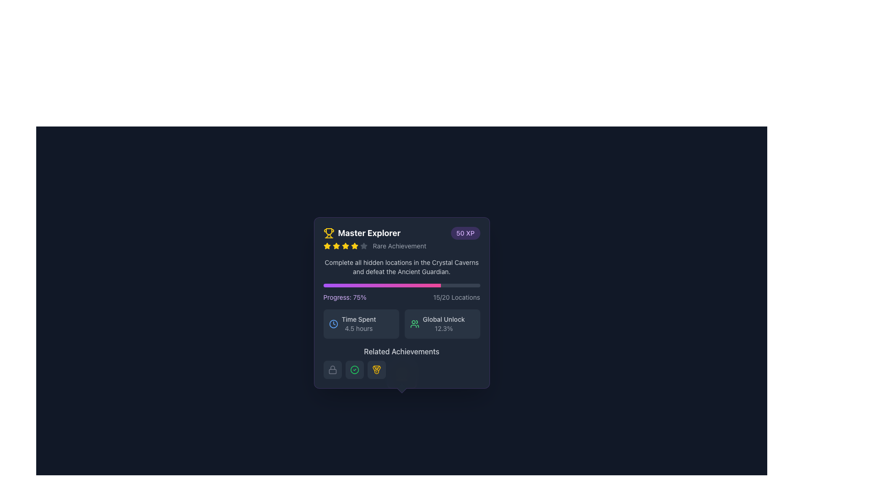 The image size is (880, 495). Describe the element at coordinates (360, 323) in the screenshot. I see `the Information card displaying time spent, which includes a label, an icon, and a descriptive value, located in the left half of the two-column grid structure` at that location.